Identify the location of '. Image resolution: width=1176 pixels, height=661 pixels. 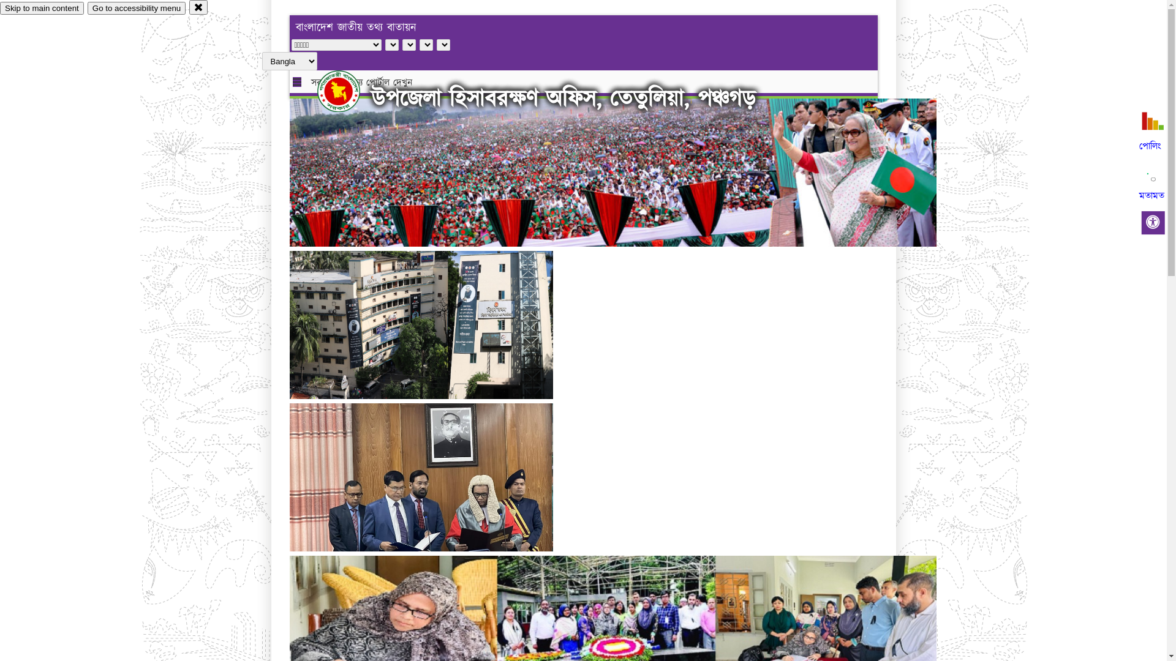
(349, 91).